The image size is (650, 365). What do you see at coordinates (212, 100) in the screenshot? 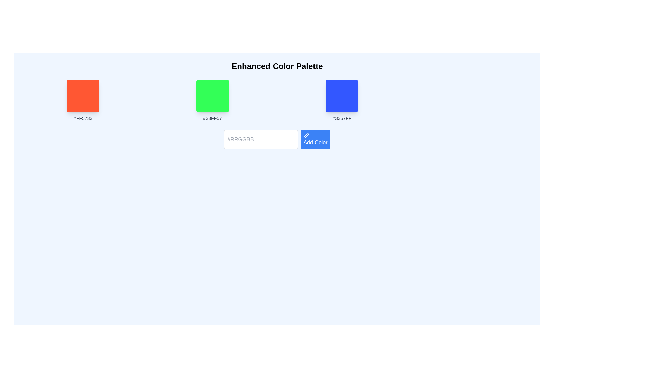
I see `the green color swatch represented by the hex value '#33FF57', which is the second option` at bounding box center [212, 100].